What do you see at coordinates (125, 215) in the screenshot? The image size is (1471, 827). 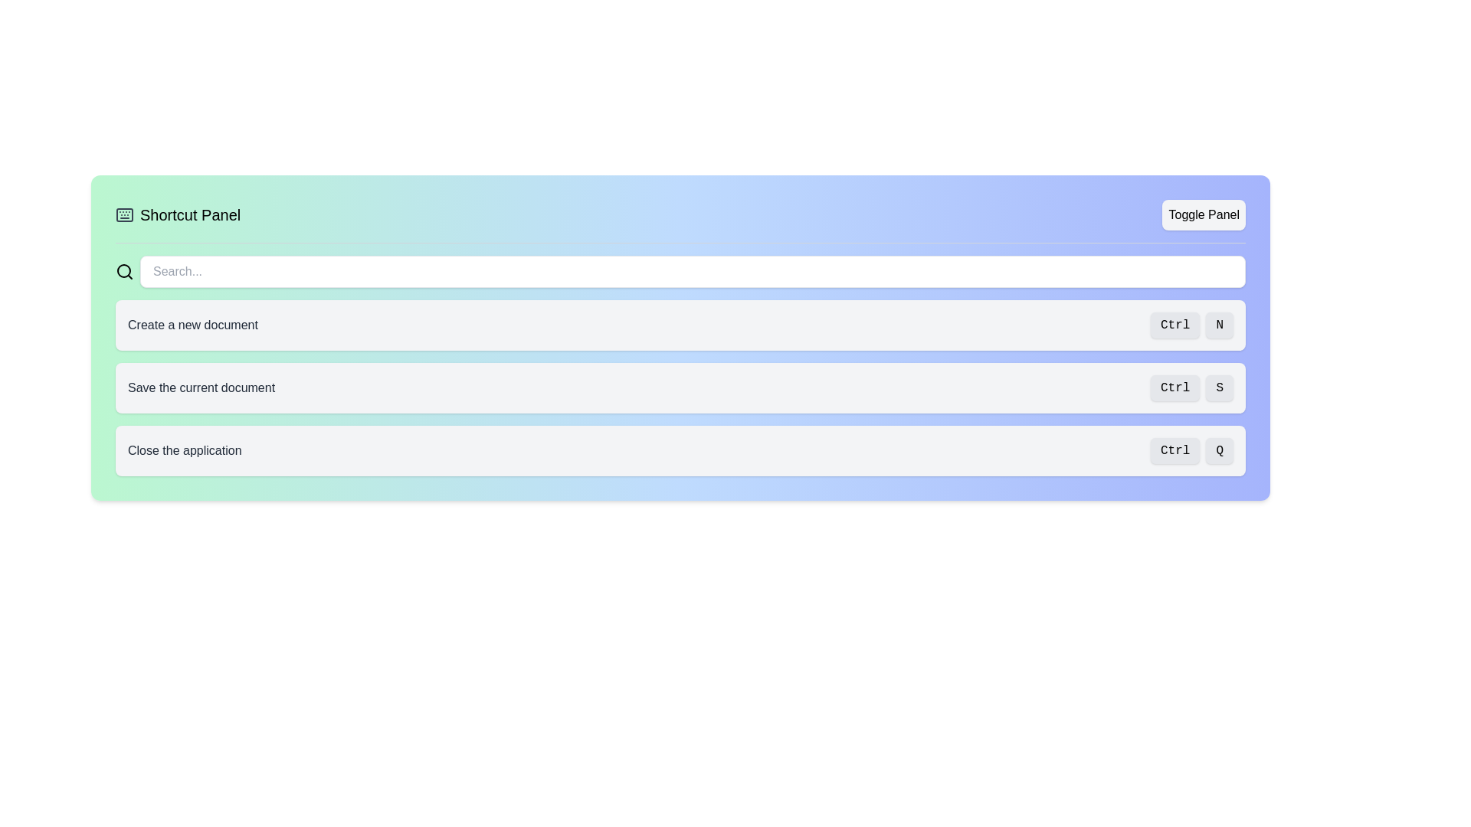 I see `the keyboard icon located to the left of the 'Shortcut Panel' label, which visually signifies keyboard-related features` at bounding box center [125, 215].